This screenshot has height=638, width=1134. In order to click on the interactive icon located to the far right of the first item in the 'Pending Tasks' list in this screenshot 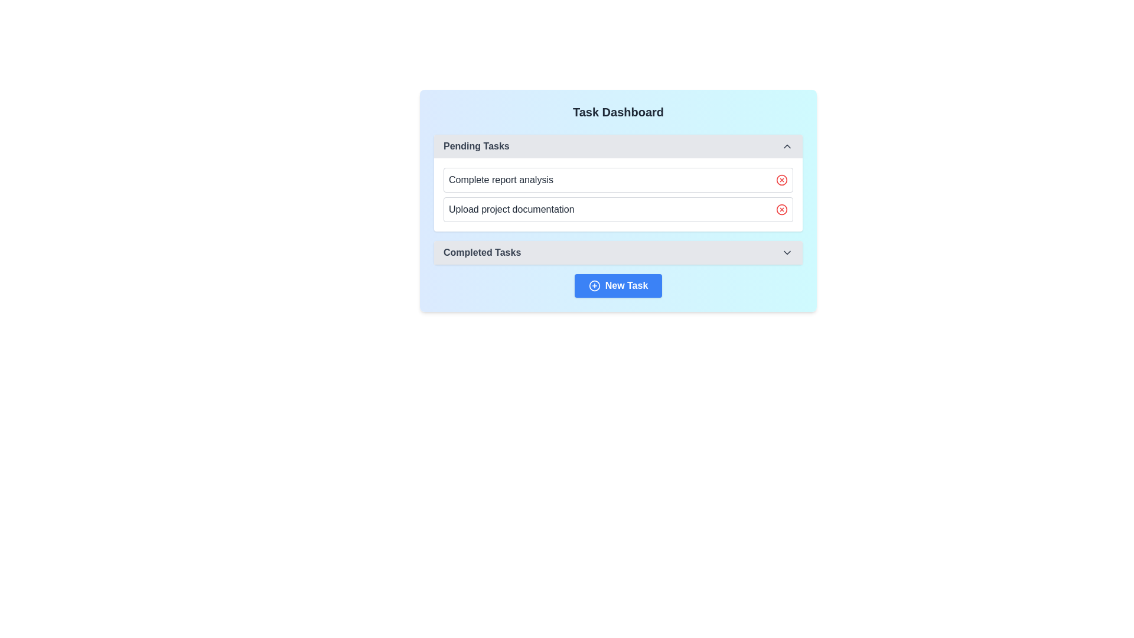, I will do `click(782, 180)`.